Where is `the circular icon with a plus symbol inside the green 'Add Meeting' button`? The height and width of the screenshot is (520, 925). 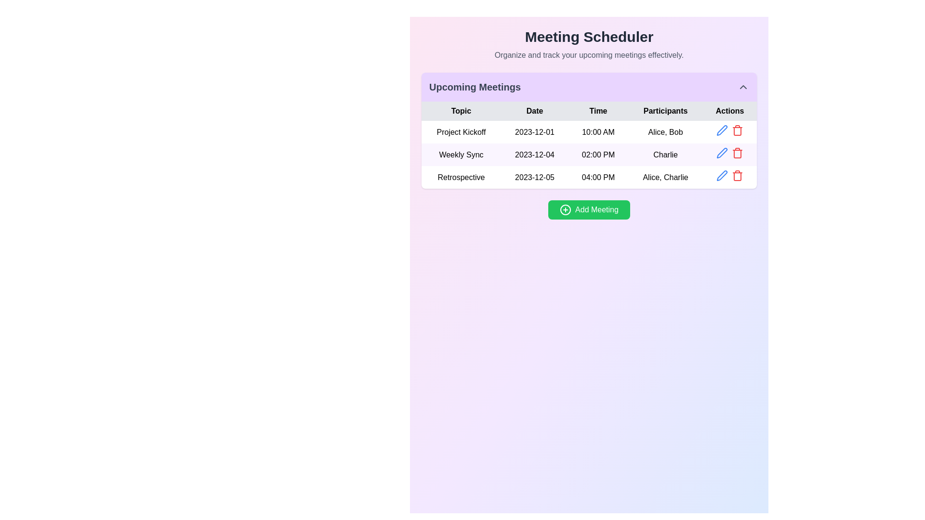
the circular icon with a plus symbol inside the green 'Add Meeting' button is located at coordinates (566, 209).